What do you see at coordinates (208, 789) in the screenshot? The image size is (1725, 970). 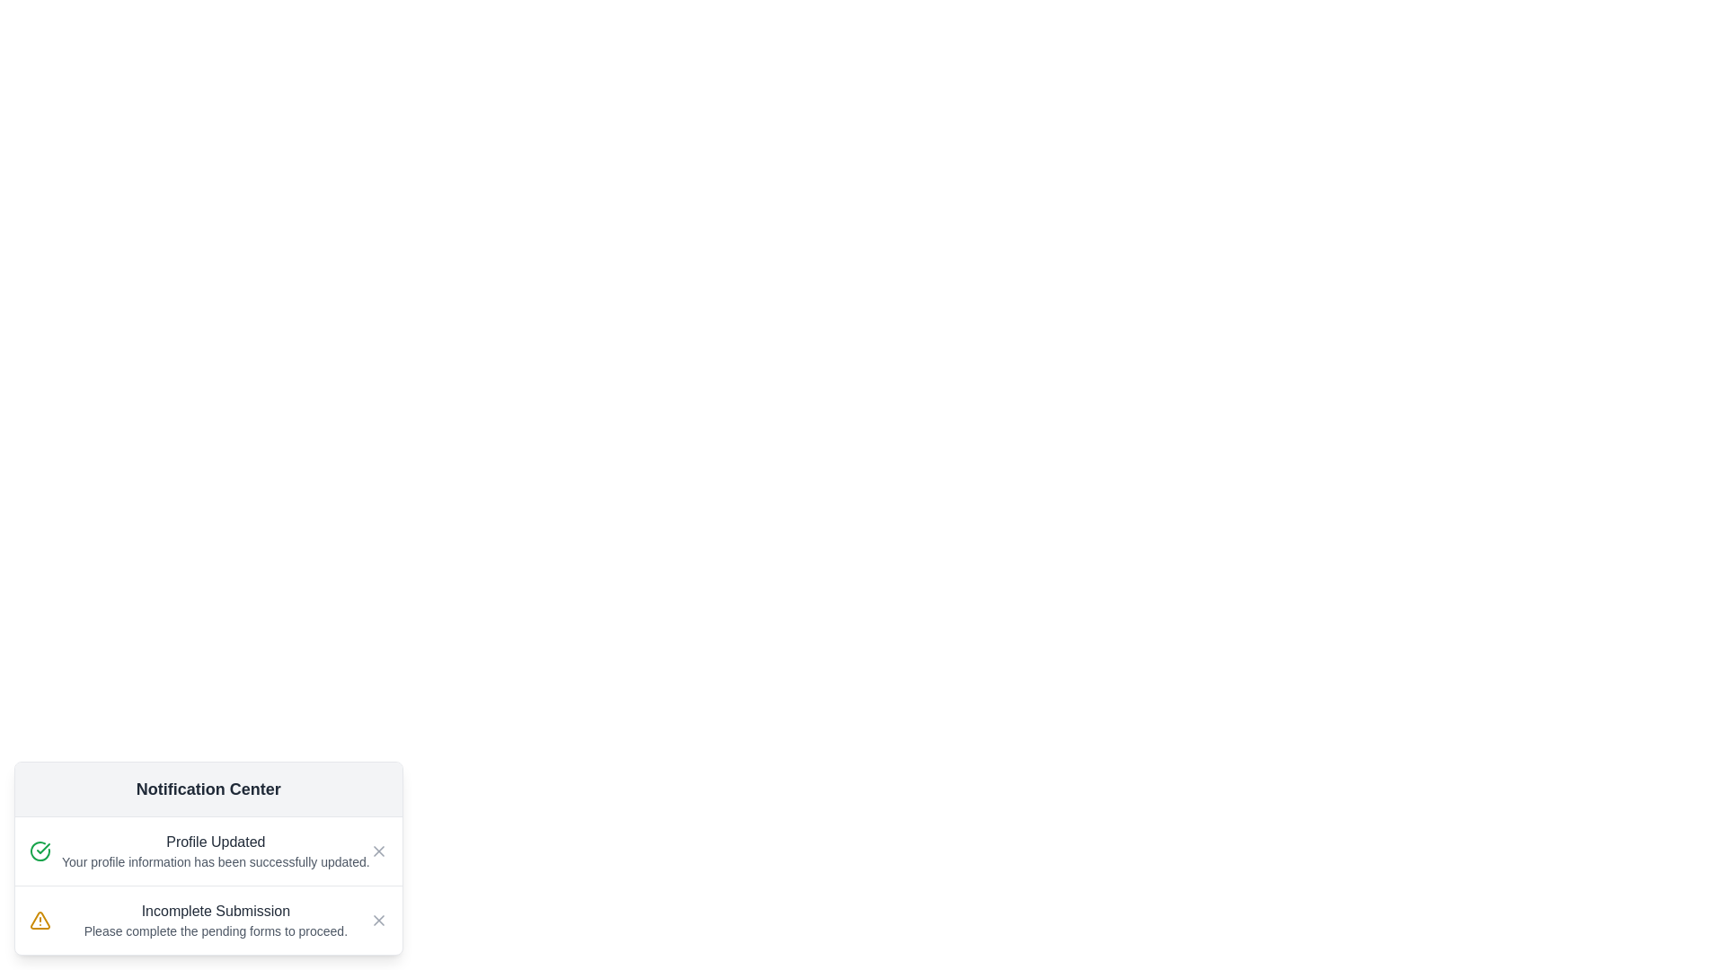 I see `the header labeled 'Notification Center', which is styled with a light gray background and a bottom border, positioned at the top of the notification panel` at bounding box center [208, 789].